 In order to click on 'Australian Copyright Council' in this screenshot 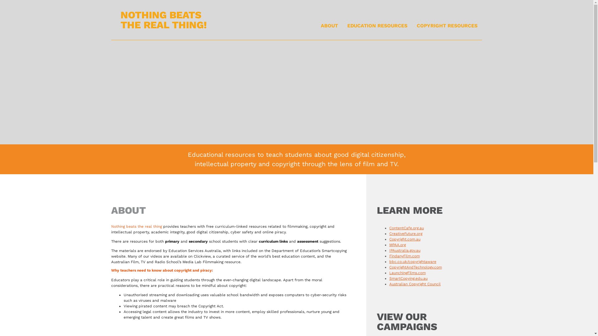, I will do `click(415, 284)`.